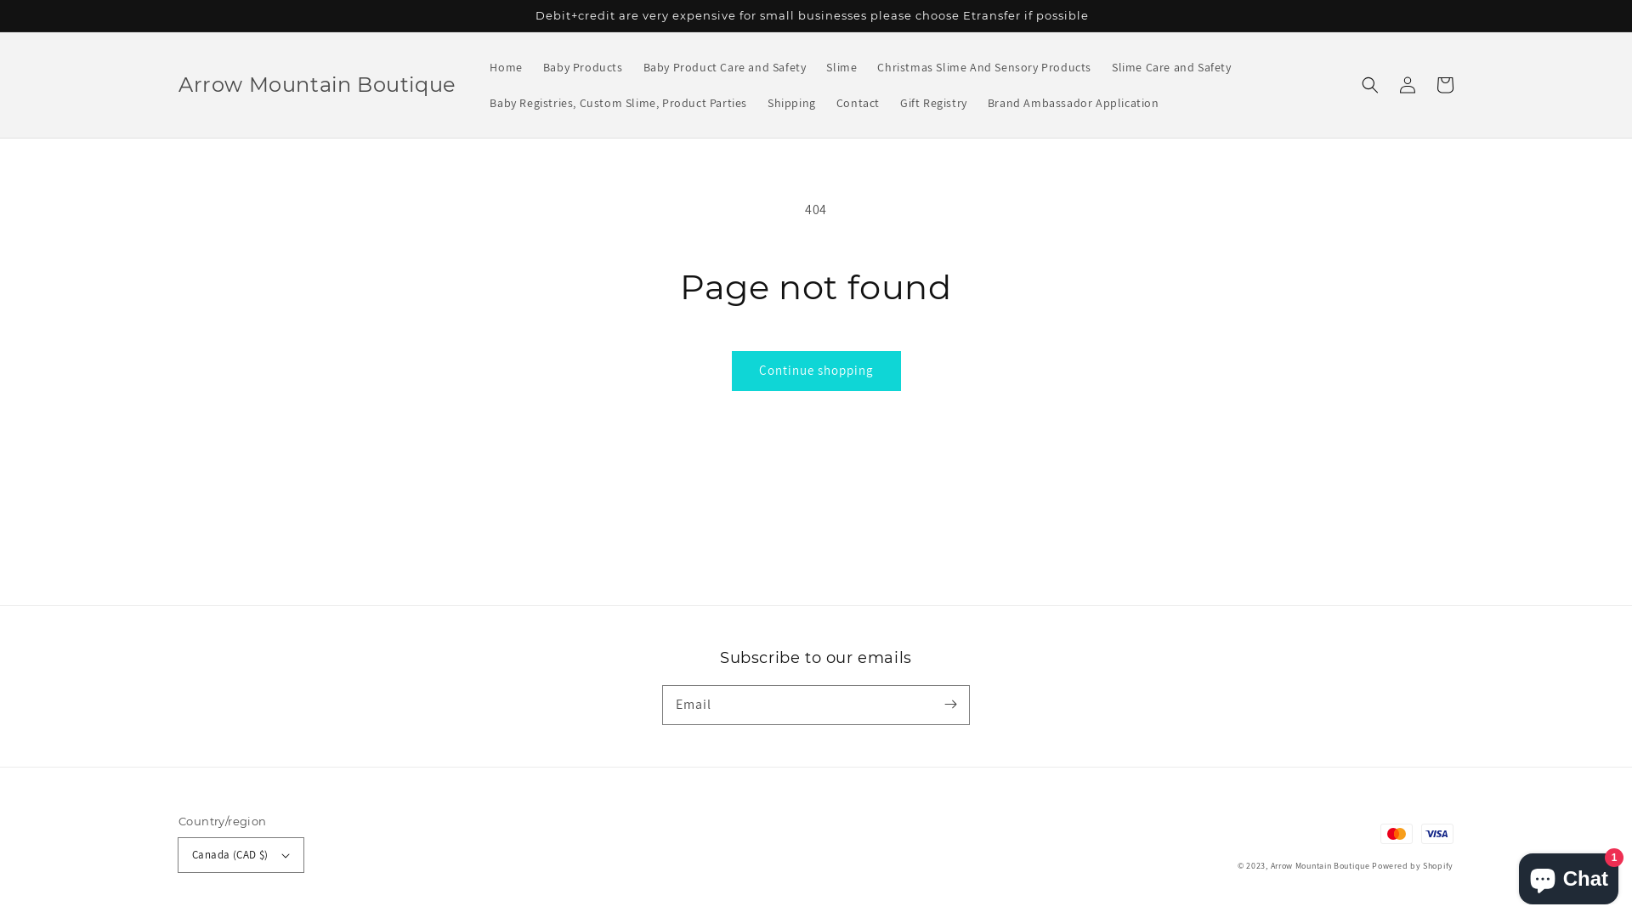  What do you see at coordinates (532, 65) in the screenshot?
I see `'Baby Products'` at bounding box center [532, 65].